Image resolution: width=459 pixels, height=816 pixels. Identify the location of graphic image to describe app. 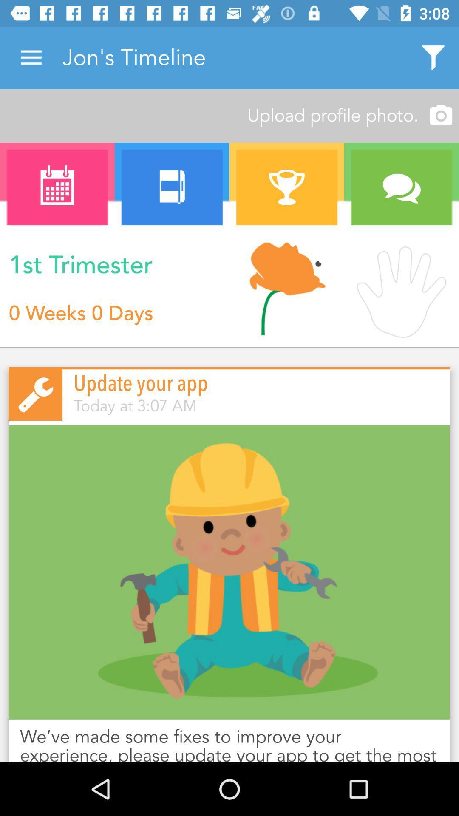
(229, 572).